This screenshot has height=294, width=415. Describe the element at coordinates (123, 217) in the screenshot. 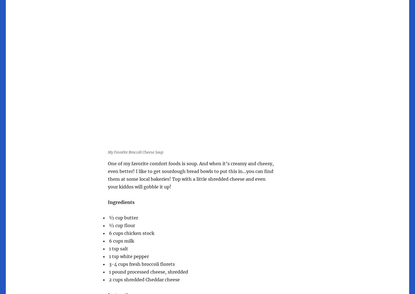

I see `'½ cup butter'` at that location.